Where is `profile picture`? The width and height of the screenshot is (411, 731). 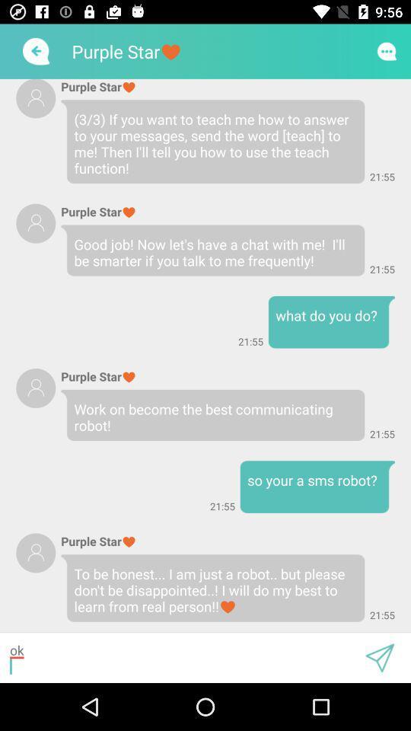 profile picture is located at coordinates (36, 97).